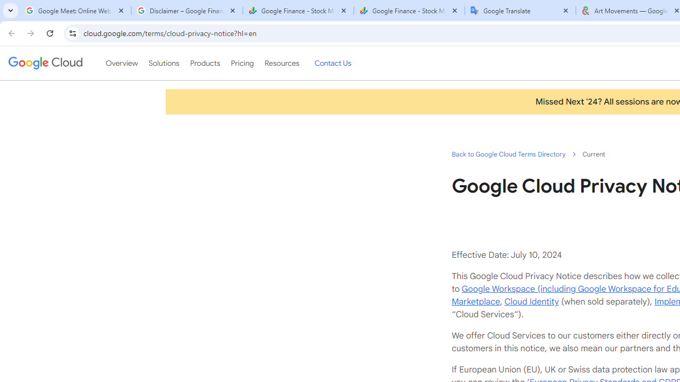  Describe the element at coordinates (508, 154) in the screenshot. I see `'Back to Google Cloud Terms Directory'` at that location.